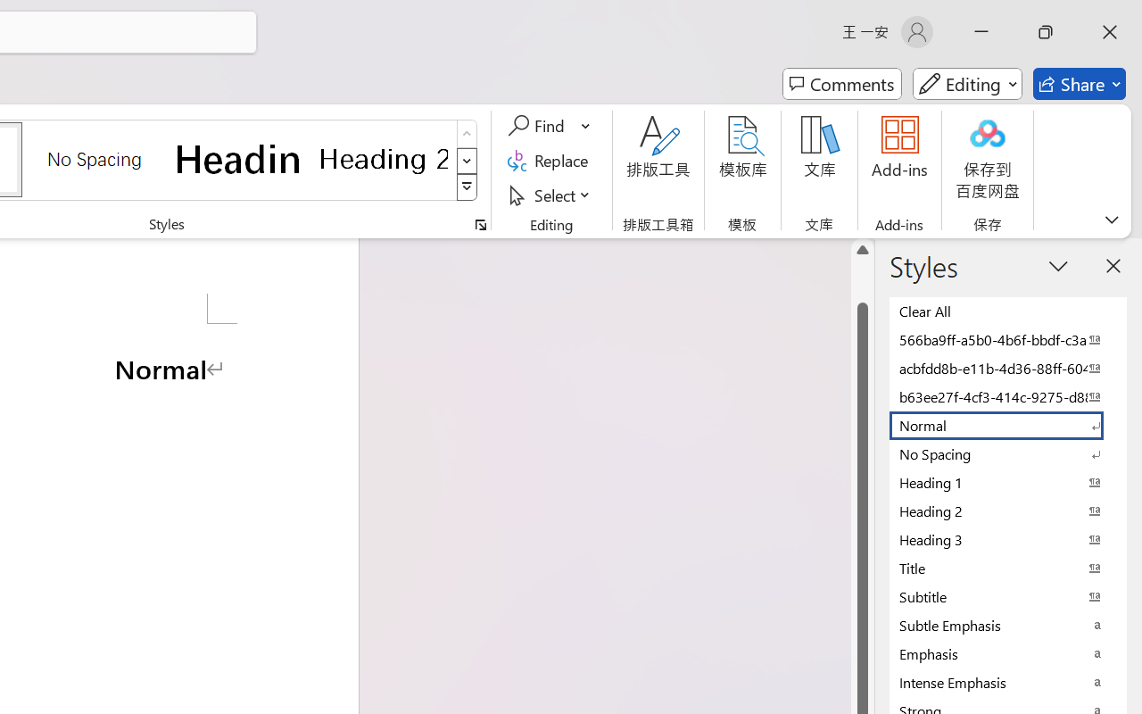  What do you see at coordinates (1008, 452) in the screenshot?
I see `'No Spacing'` at bounding box center [1008, 452].